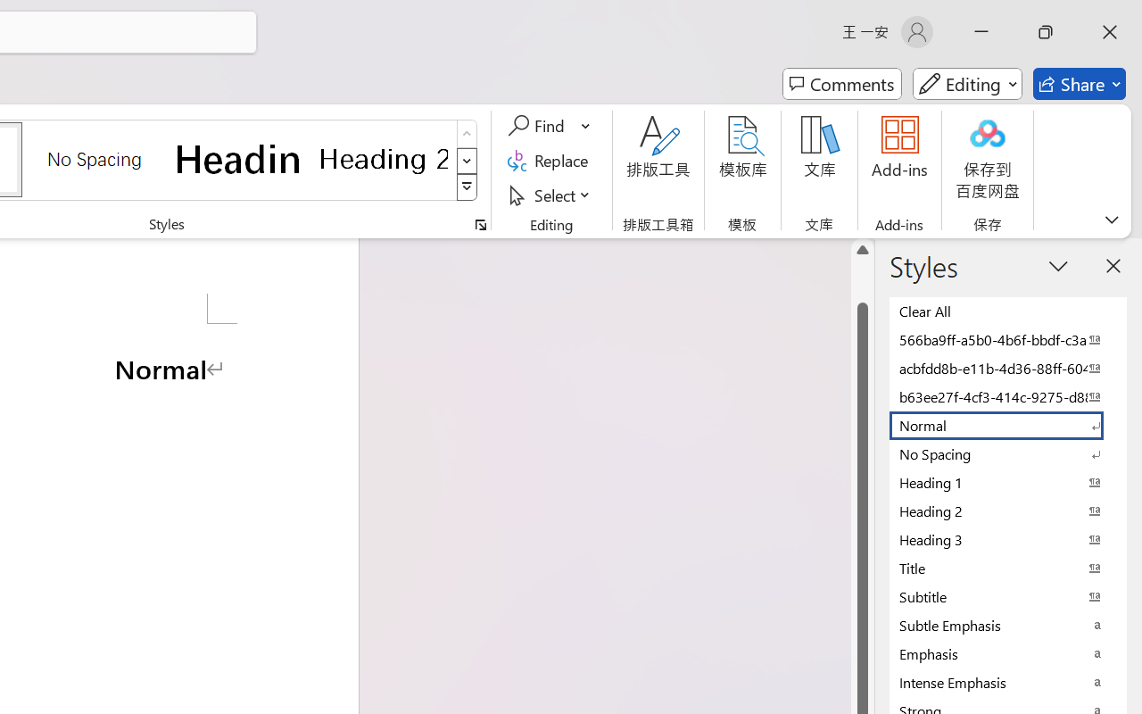  What do you see at coordinates (1008, 452) in the screenshot?
I see `'No Spacing'` at bounding box center [1008, 452].